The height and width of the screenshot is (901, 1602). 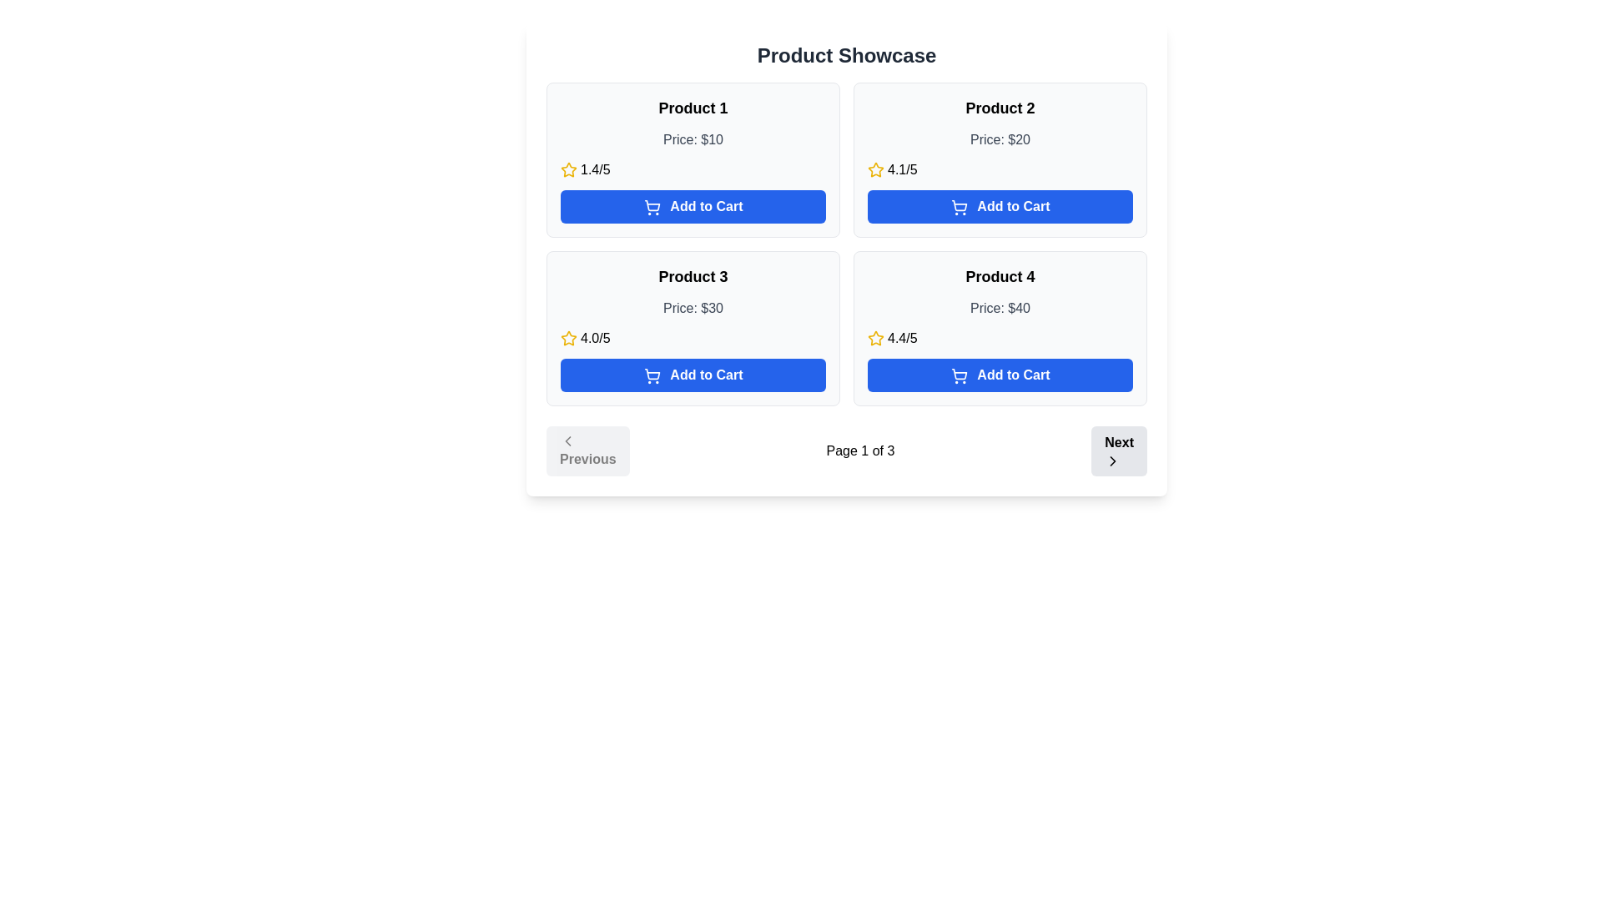 What do you see at coordinates (693, 275) in the screenshot?
I see `the 'Product 3' label, which is a bold text element indicating a product title, located above the price and other features in the bottom-left quadrant of a grid layout` at bounding box center [693, 275].